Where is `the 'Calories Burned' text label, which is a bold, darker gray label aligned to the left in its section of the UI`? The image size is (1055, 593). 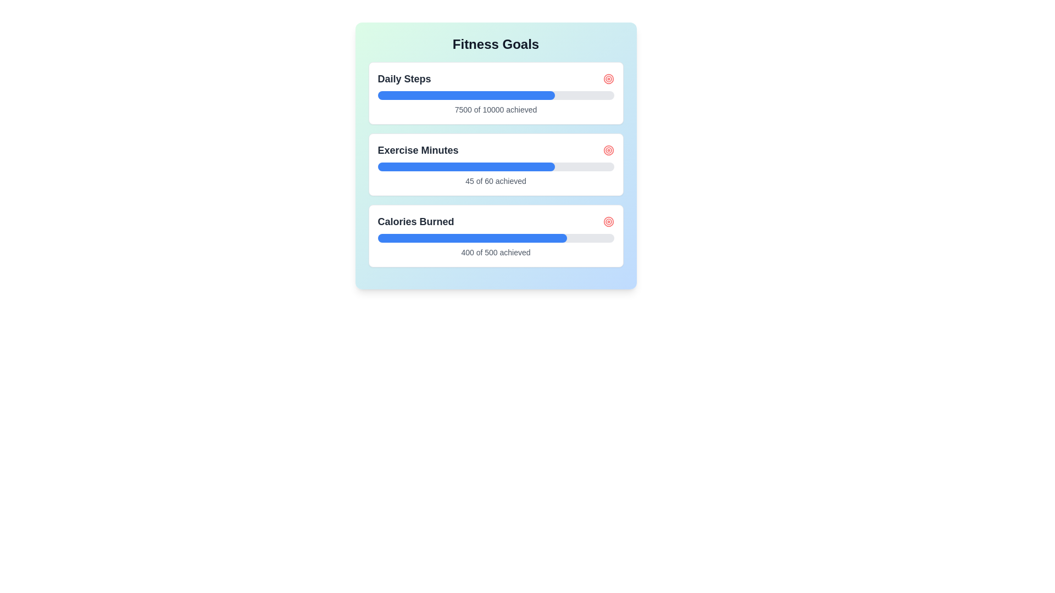
the 'Calories Burned' text label, which is a bold, darker gray label aligned to the left in its section of the UI is located at coordinates (415, 222).